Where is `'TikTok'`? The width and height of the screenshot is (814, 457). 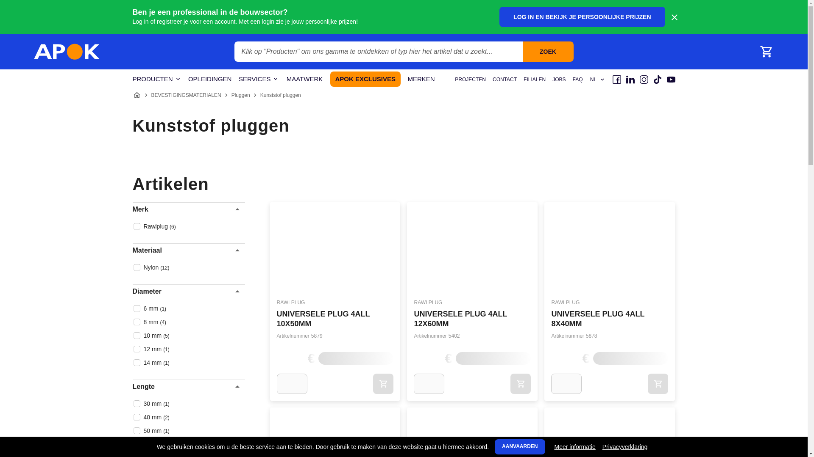 'TikTok' is located at coordinates (657, 80).